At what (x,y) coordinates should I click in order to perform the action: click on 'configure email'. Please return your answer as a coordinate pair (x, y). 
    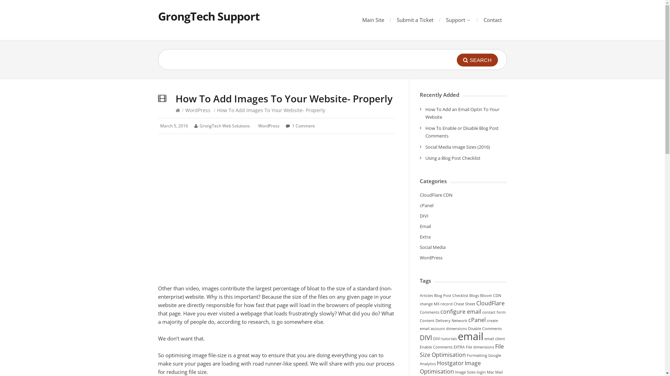
    Looking at the image, I should click on (461, 311).